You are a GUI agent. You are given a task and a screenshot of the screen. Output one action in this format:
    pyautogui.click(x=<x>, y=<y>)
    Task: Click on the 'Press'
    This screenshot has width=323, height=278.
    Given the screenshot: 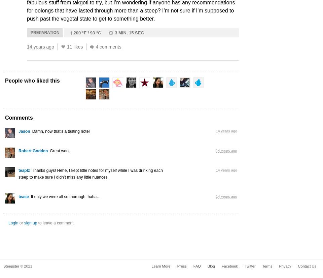 What is the action you would take?
    pyautogui.click(x=181, y=266)
    